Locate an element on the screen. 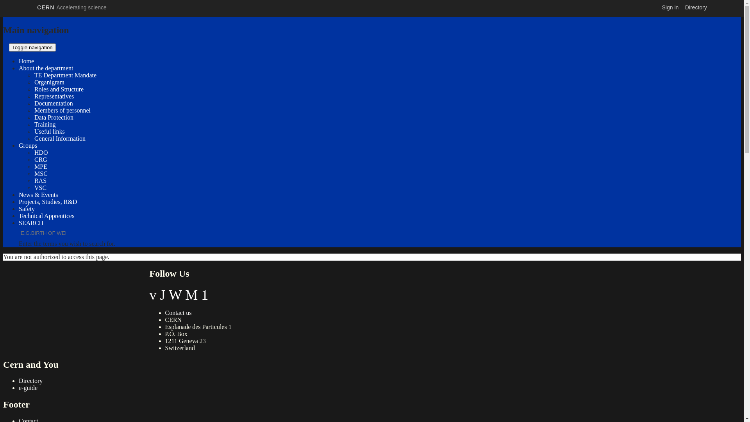 The width and height of the screenshot is (750, 422). 'e-guide' is located at coordinates (28, 388).